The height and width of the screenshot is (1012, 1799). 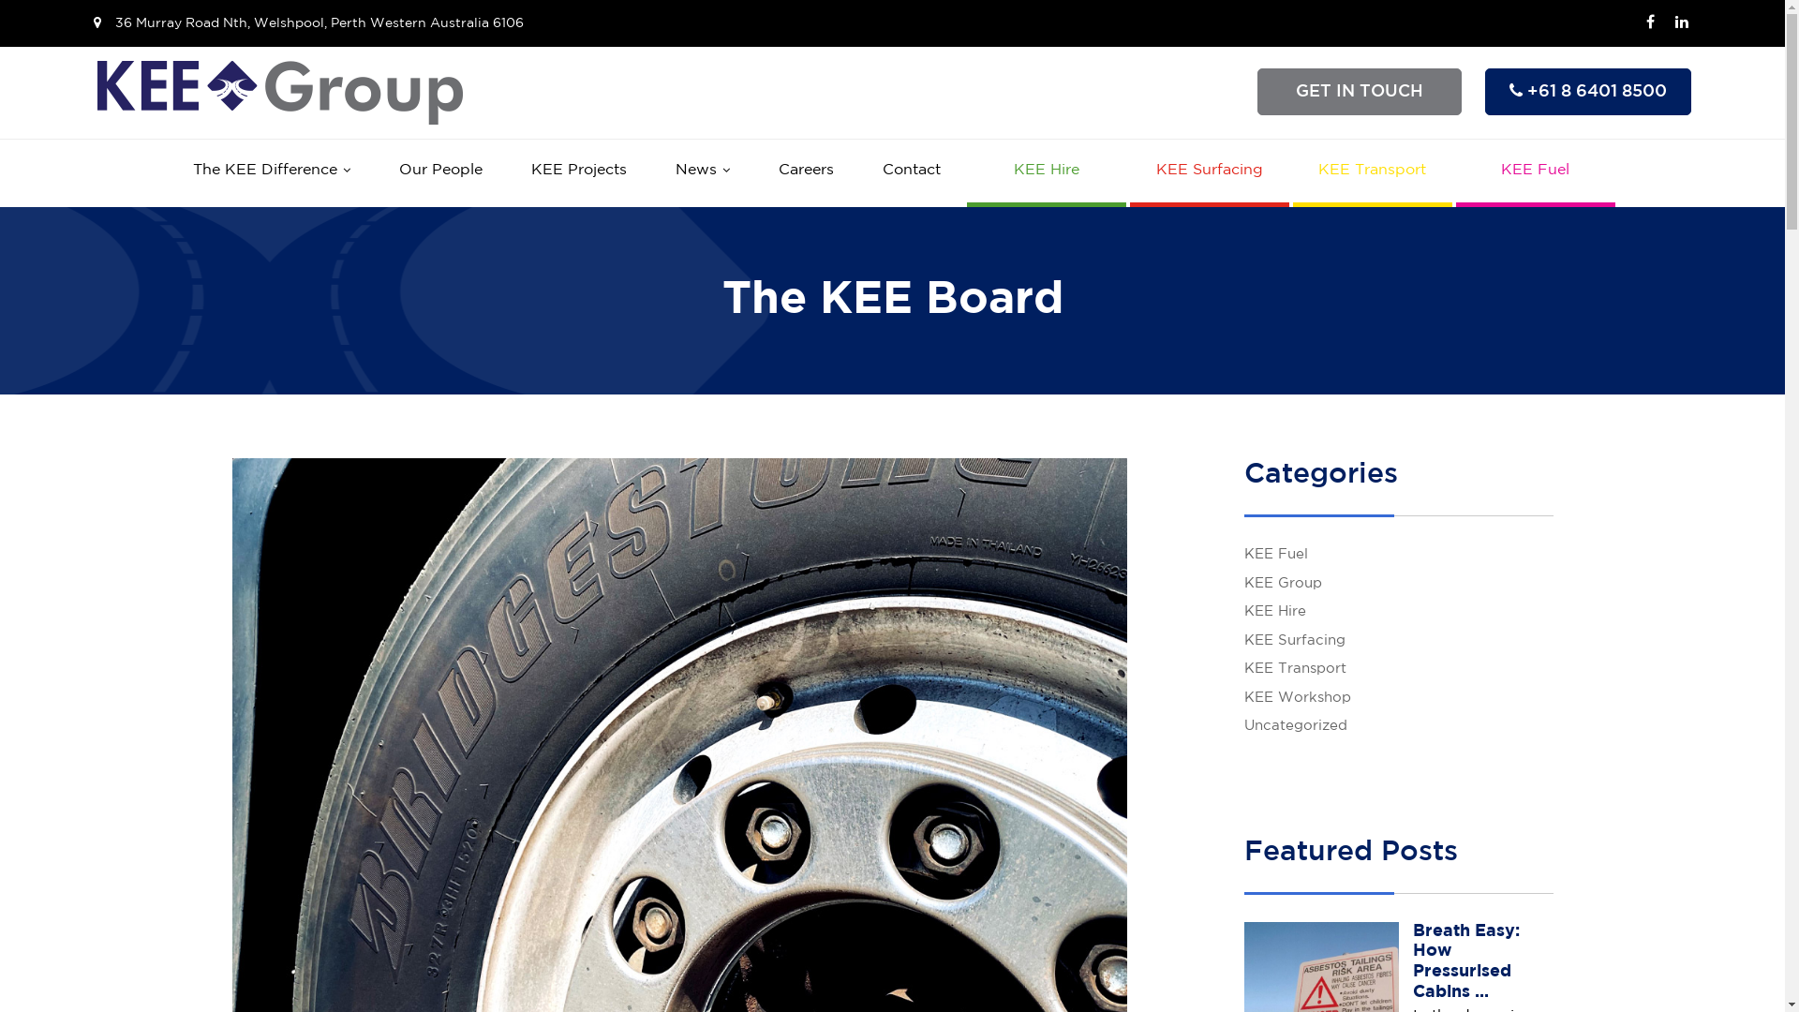 What do you see at coordinates (1359, 91) in the screenshot?
I see `'GET IN TOUCH'` at bounding box center [1359, 91].